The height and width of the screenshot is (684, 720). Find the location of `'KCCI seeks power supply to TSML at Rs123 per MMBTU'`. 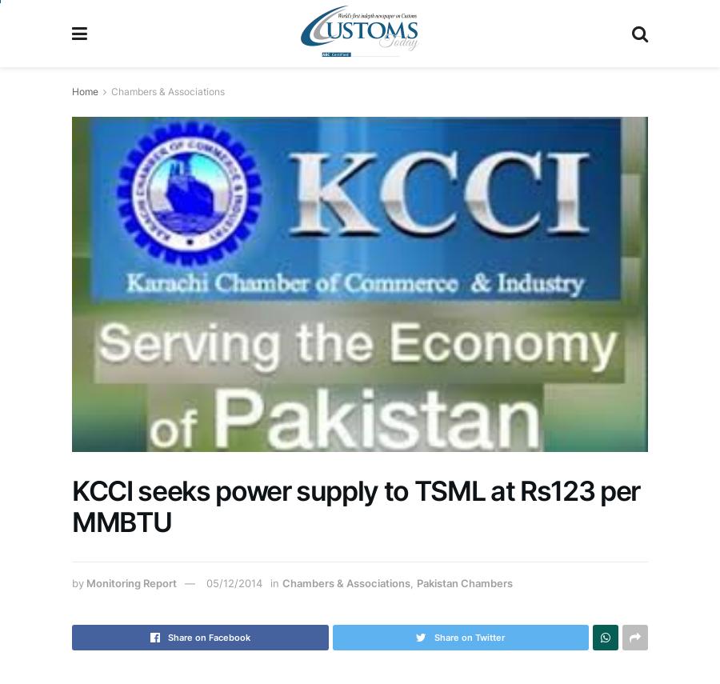

'KCCI seeks power supply to TSML at Rs123 per MMBTU' is located at coordinates (71, 505).